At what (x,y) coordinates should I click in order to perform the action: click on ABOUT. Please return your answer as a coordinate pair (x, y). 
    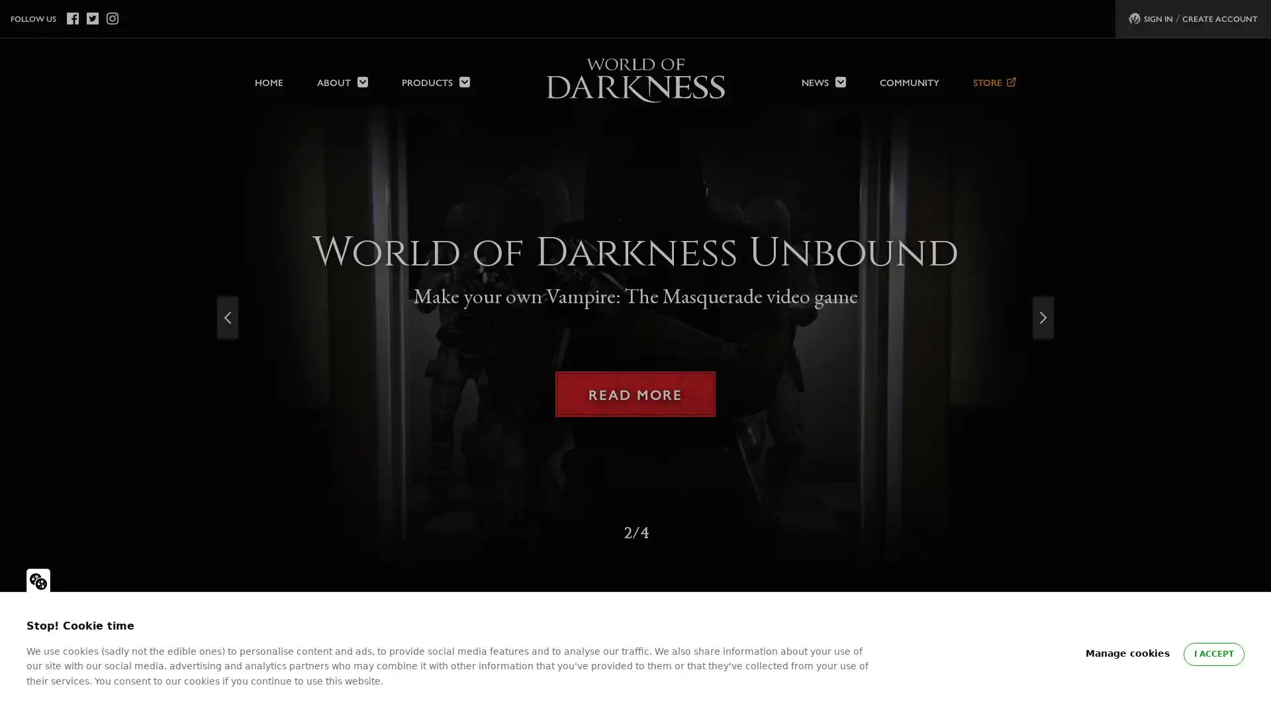
    Looking at the image, I should click on (342, 74).